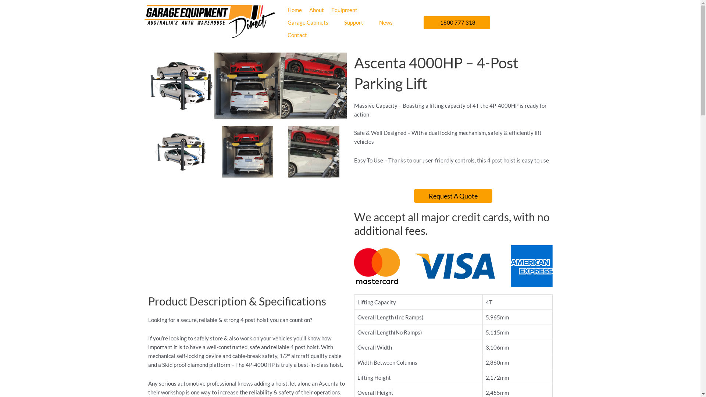  I want to click on 'News', so click(385, 22).